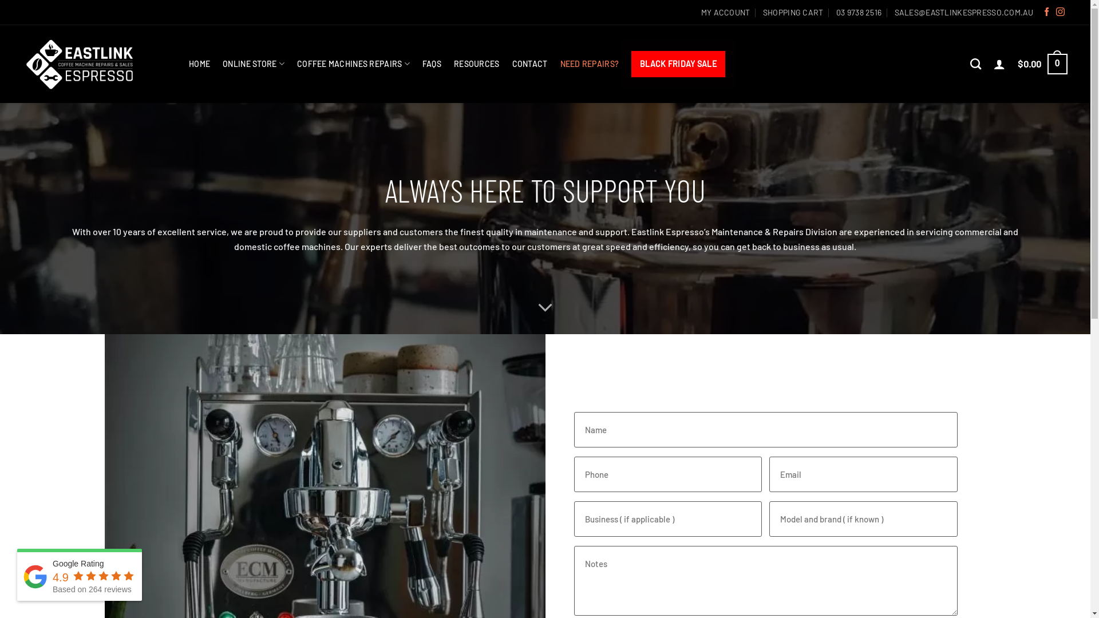 This screenshot has height=618, width=1099. Describe the element at coordinates (431, 64) in the screenshot. I see `'FAQS'` at that location.